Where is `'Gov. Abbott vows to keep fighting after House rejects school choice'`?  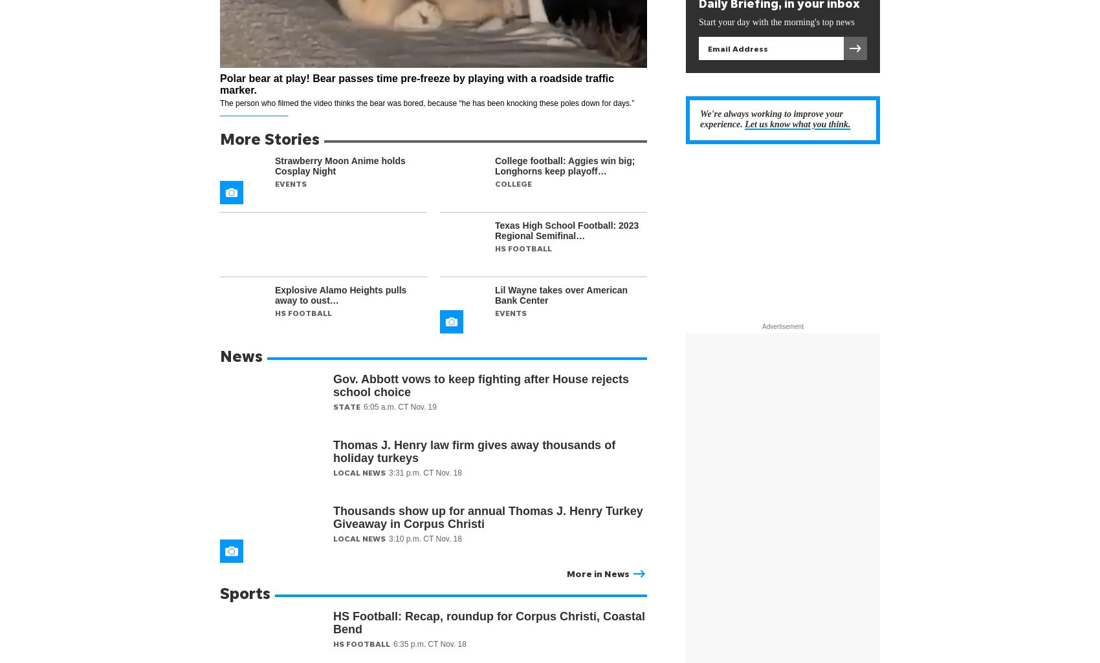
'Gov. Abbott vows to keep fighting after House rejects school choice' is located at coordinates (481, 385).